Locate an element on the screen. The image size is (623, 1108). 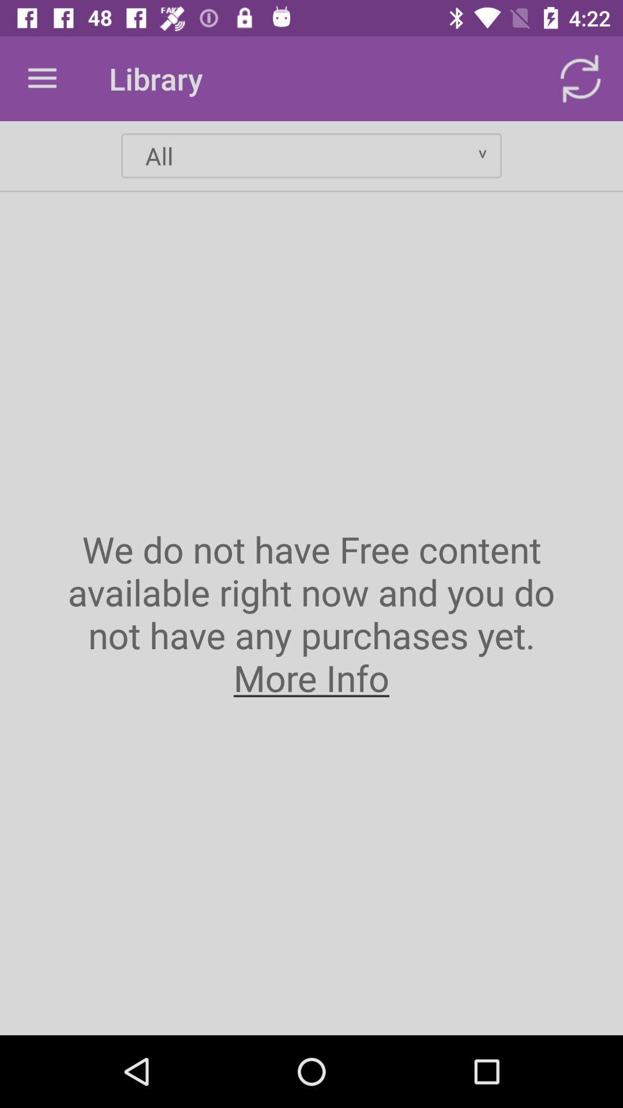
the item next to the library icon is located at coordinates (42, 78).